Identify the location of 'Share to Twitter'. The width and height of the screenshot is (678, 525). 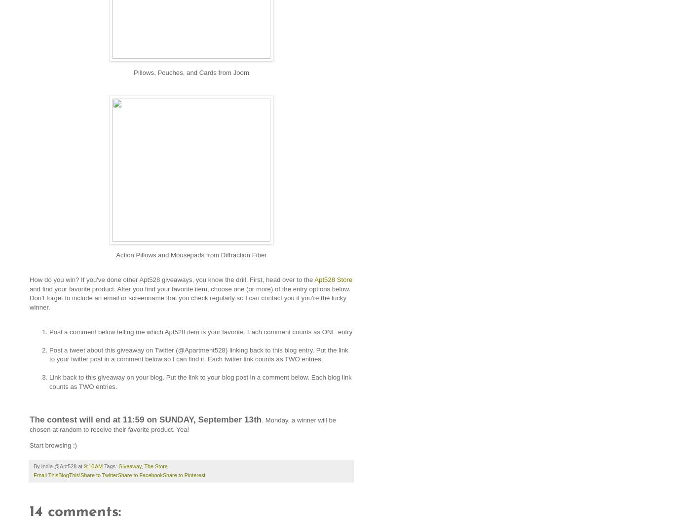
(98, 474).